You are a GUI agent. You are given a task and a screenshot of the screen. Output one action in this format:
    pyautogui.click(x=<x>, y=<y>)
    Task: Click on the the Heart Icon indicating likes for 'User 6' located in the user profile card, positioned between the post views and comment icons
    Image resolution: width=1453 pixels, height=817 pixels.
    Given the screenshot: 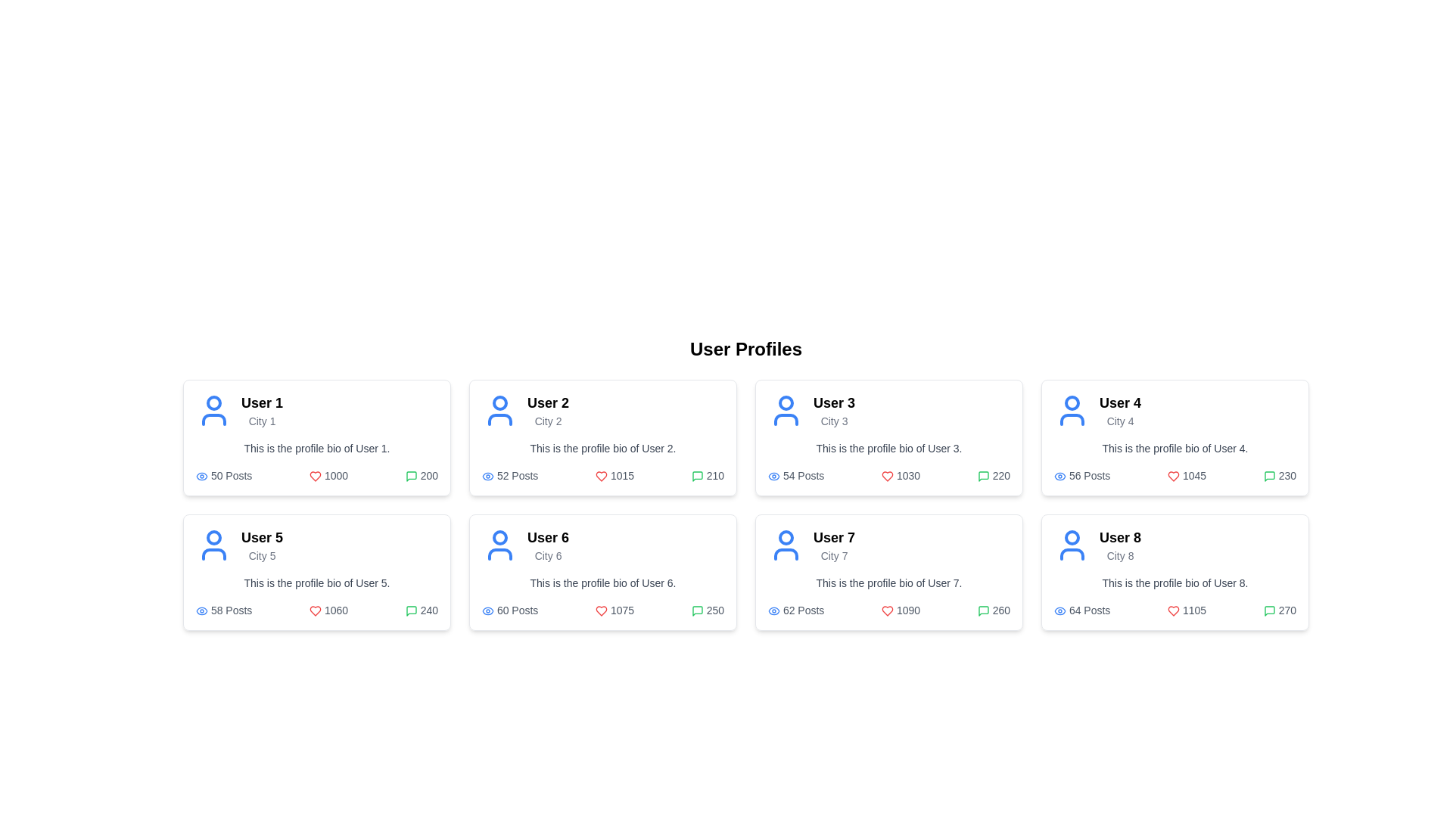 What is the action you would take?
    pyautogui.click(x=601, y=610)
    